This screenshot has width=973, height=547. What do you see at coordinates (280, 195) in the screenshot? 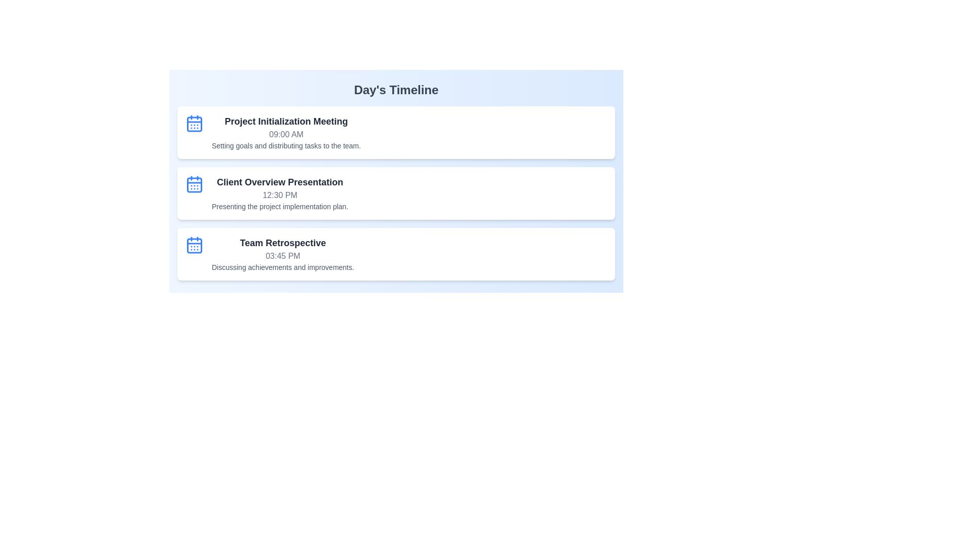
I see `the text label displaying '12:30 PM' in a medium-sized serif font, styled with a gray color, located below the heading 'Client Overview Presentation' in the timeline interface` at bounding box center [280, 195].